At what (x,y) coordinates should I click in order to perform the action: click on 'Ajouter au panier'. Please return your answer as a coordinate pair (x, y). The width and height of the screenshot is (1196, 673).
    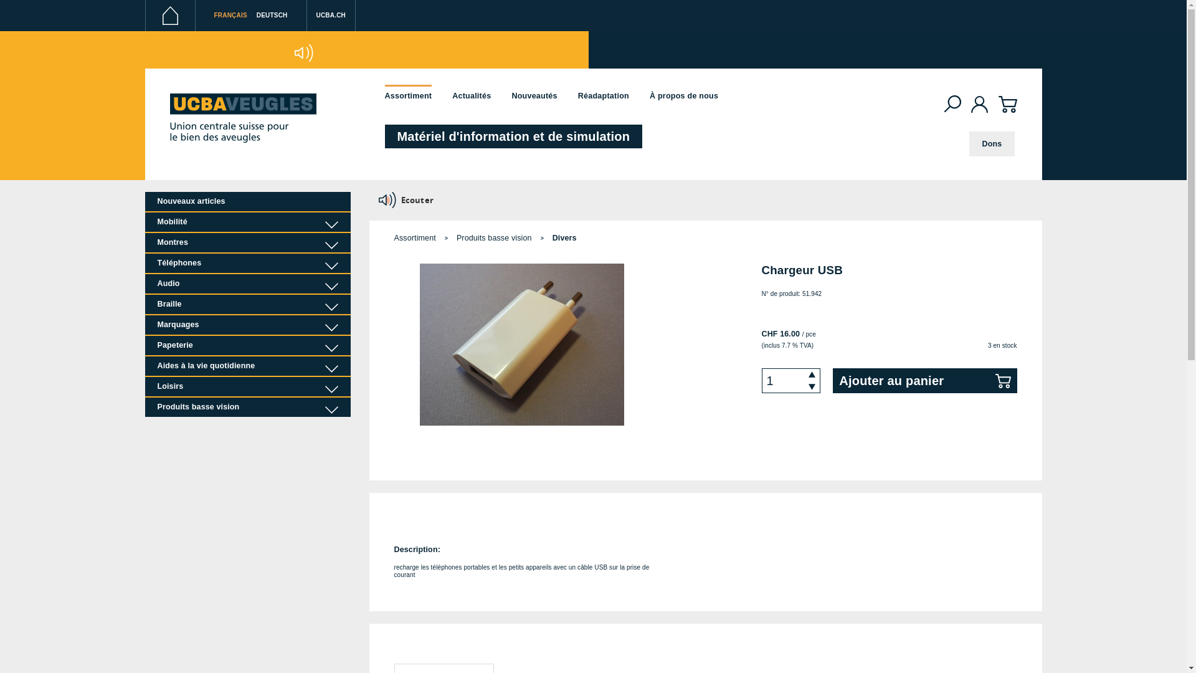
    Looking at the image, I should click on (924, 379).